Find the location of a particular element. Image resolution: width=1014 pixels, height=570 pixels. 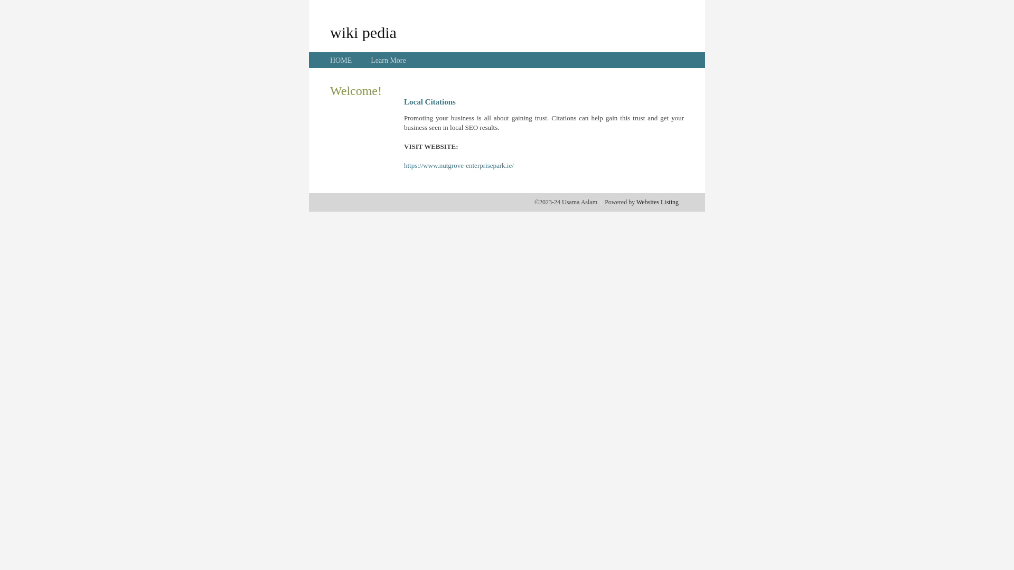

'Learn More' is located at coordinates (387, 60).